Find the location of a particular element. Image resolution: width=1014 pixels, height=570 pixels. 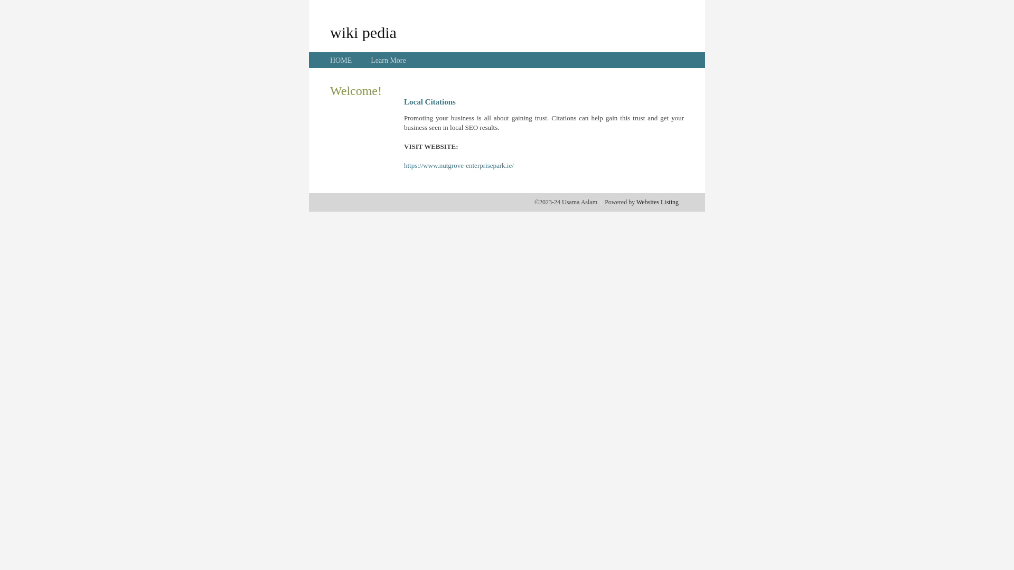

'Learn More' is located at coordinates (387, 60).